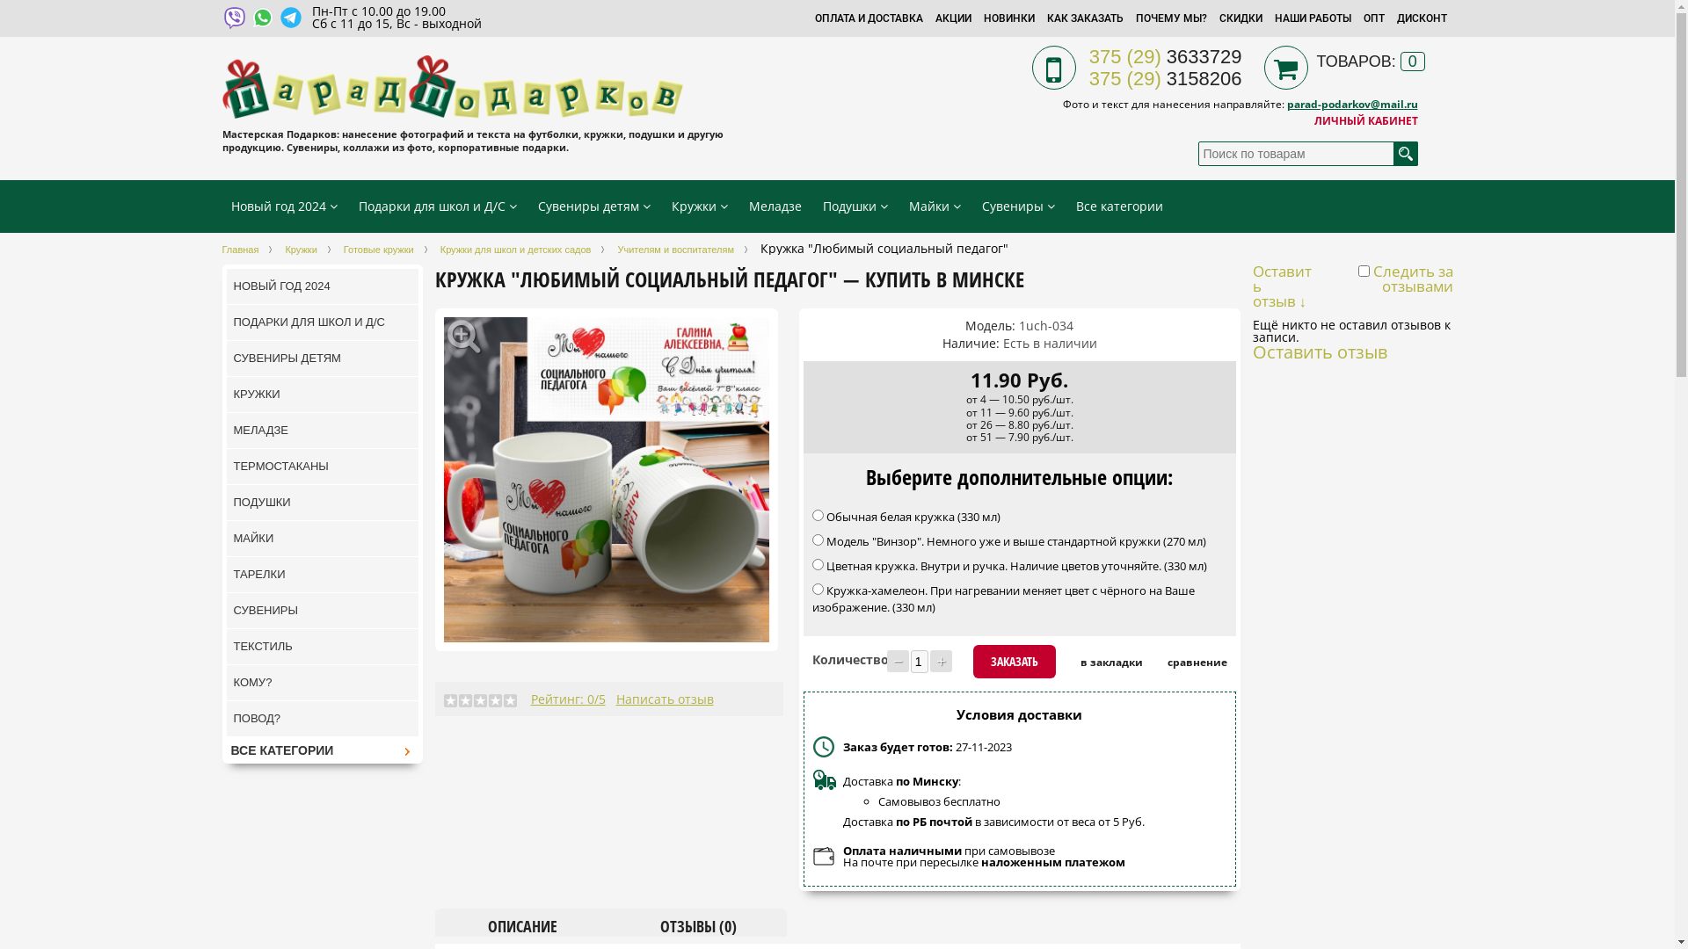 This screenshot has height=949, width=1688. What do you see at coordinates (1165, 55) in the screenshot?
I see `'375 (29) 3633729'` at bounding box center [1165, 55].